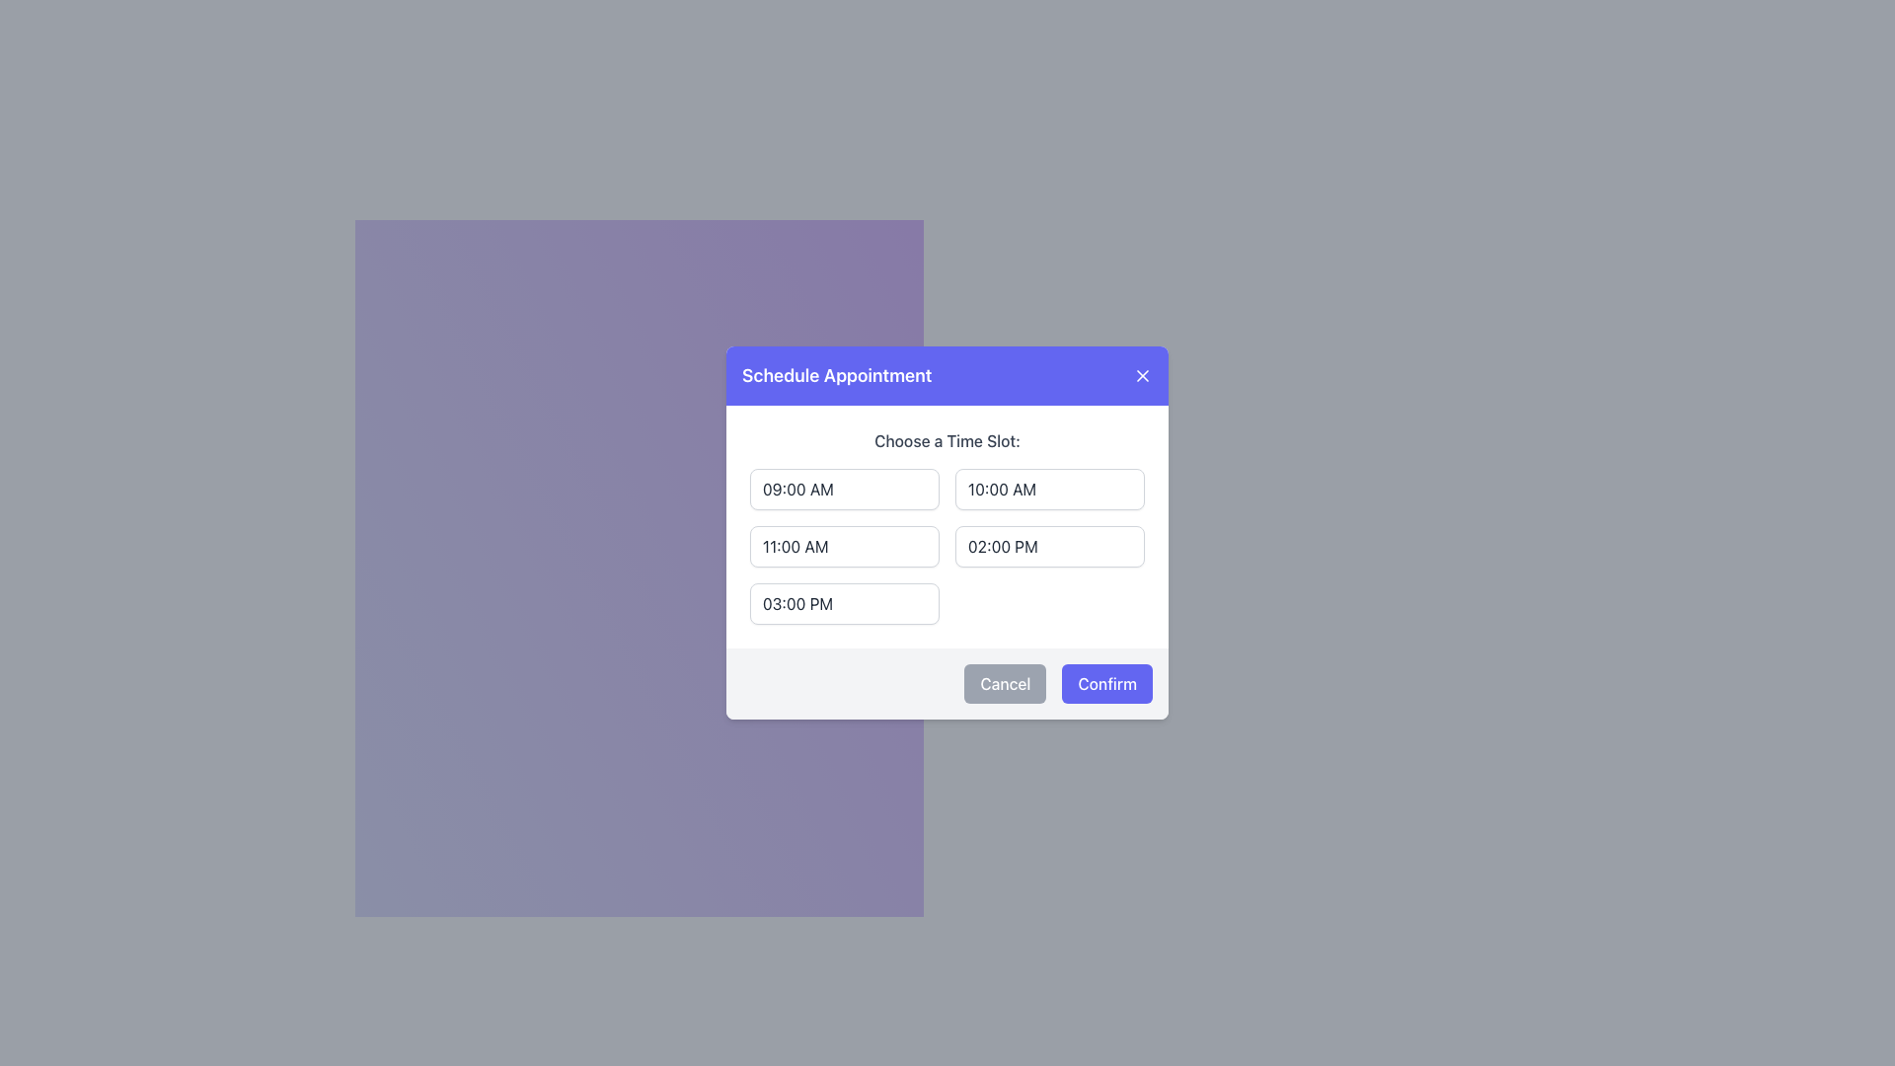 The height and width of the screenshot is (1066, 1895). What do you see at coordinates (1005, 683) in the screenshot?
I see `the cancel button located at the bottom left of the modal dialog box` at bounding box center [1005, 683].